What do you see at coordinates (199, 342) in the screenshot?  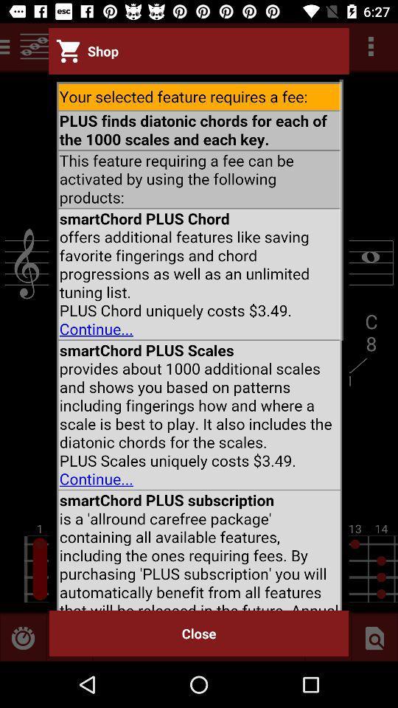 I see `scroll page` at bounding box center [199, 342].